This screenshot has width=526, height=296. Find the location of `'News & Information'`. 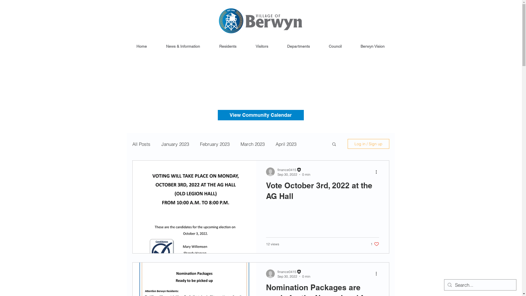

'News & Information' is located at coordinates (183, 46).